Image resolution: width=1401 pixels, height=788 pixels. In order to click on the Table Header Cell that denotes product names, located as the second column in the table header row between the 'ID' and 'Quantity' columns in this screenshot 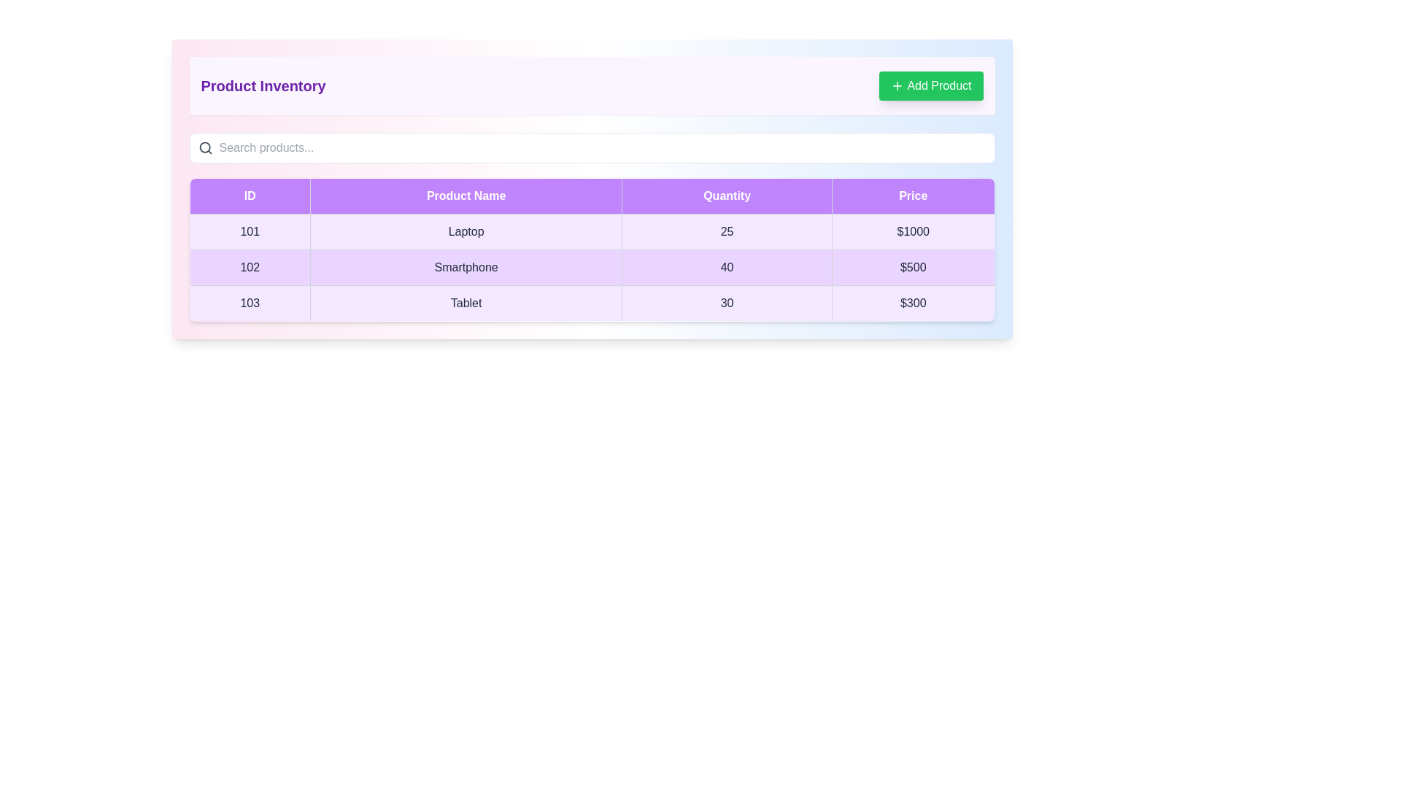, I will do `click(466, 196)`.